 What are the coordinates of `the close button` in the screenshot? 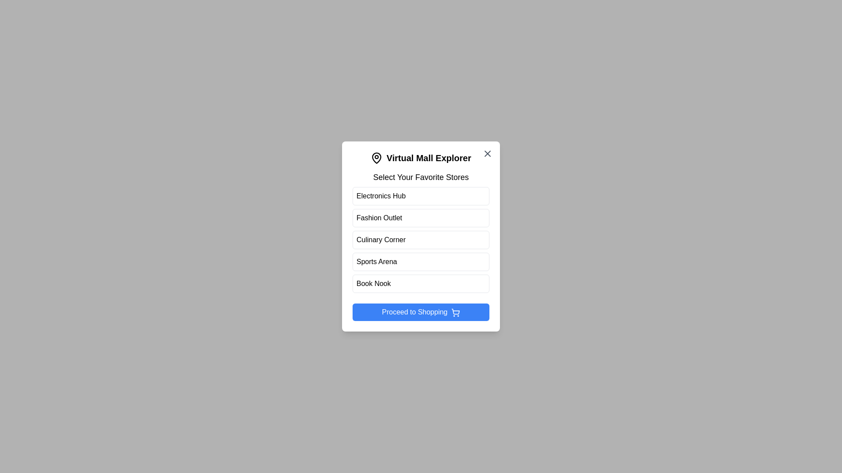 It's located at (487, 153).